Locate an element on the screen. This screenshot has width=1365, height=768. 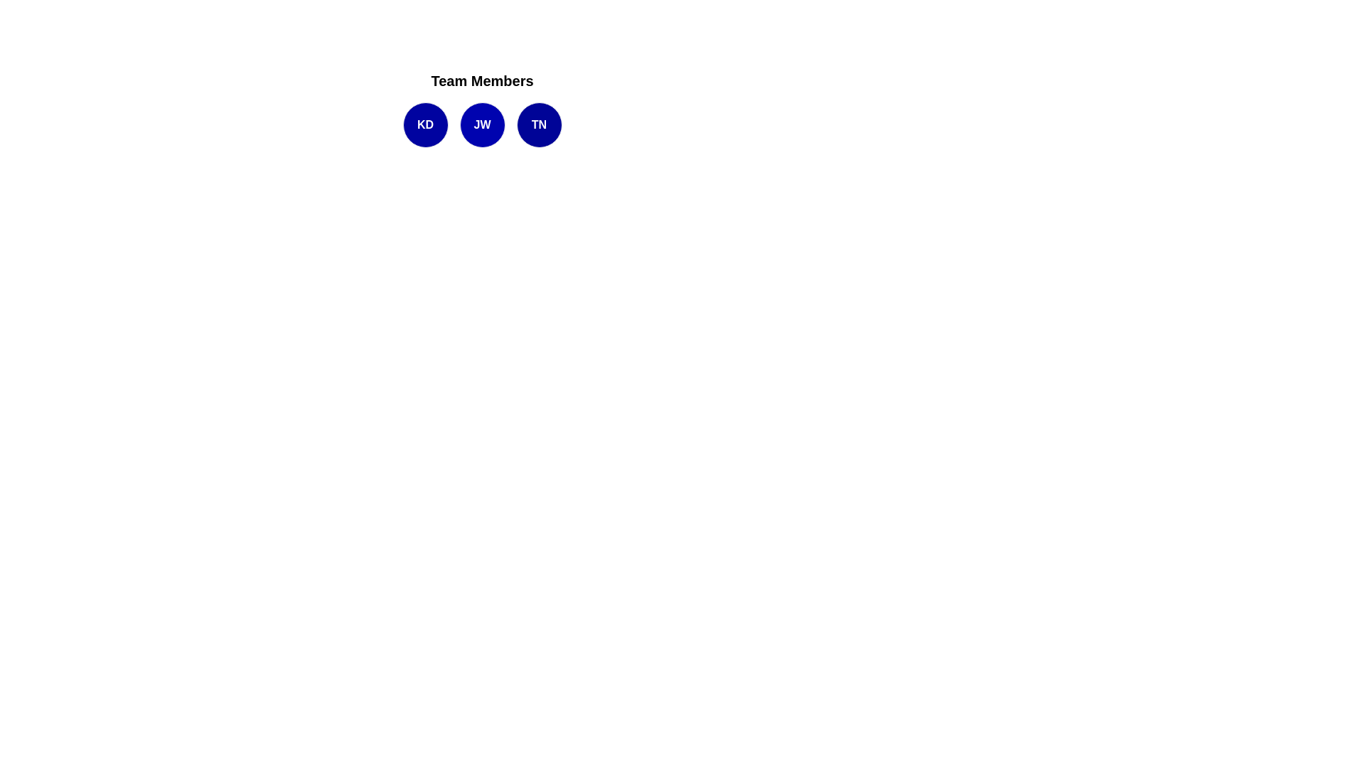
the text displaying the initials 'JW', which is located in the second blue circular icon from the left beneath the 'Team Members' header is located at coordinates (482, 124).